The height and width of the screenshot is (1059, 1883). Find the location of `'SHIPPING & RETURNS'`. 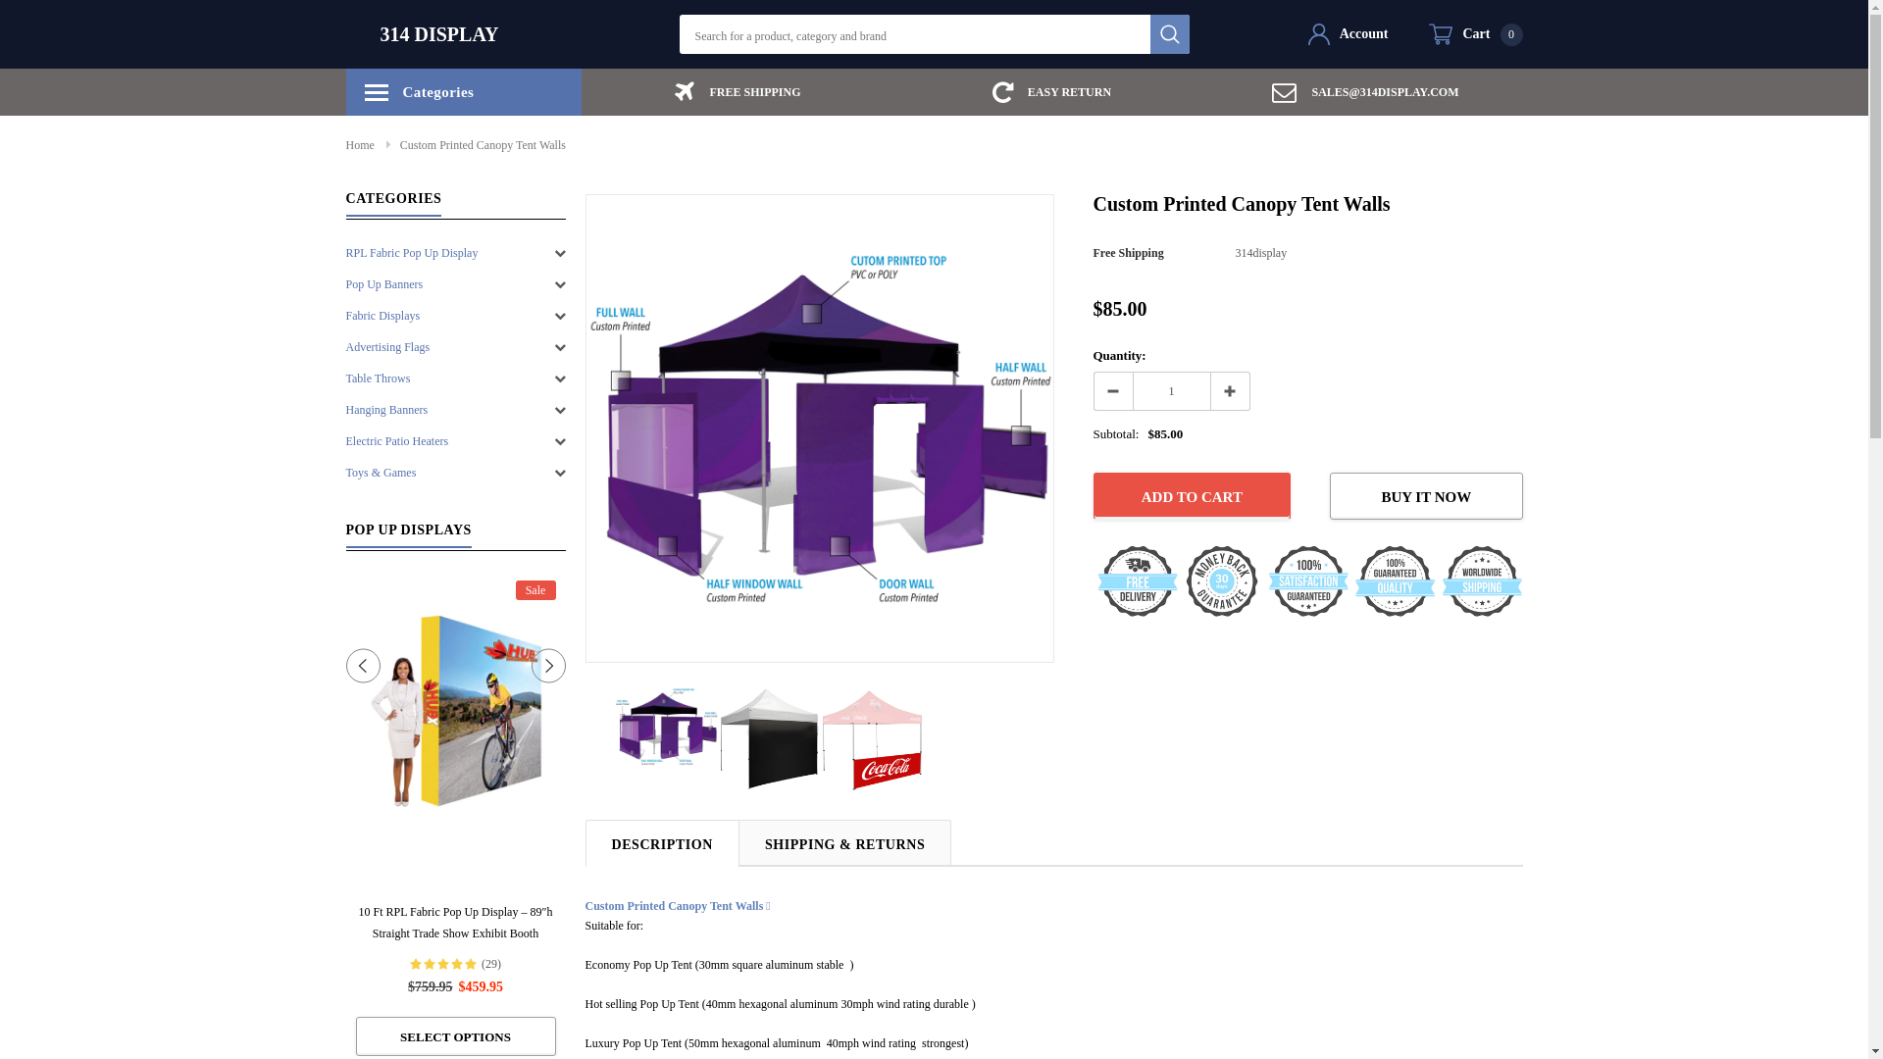

'SHIPPING & RETURNS' is located at coordinates (844, 841).